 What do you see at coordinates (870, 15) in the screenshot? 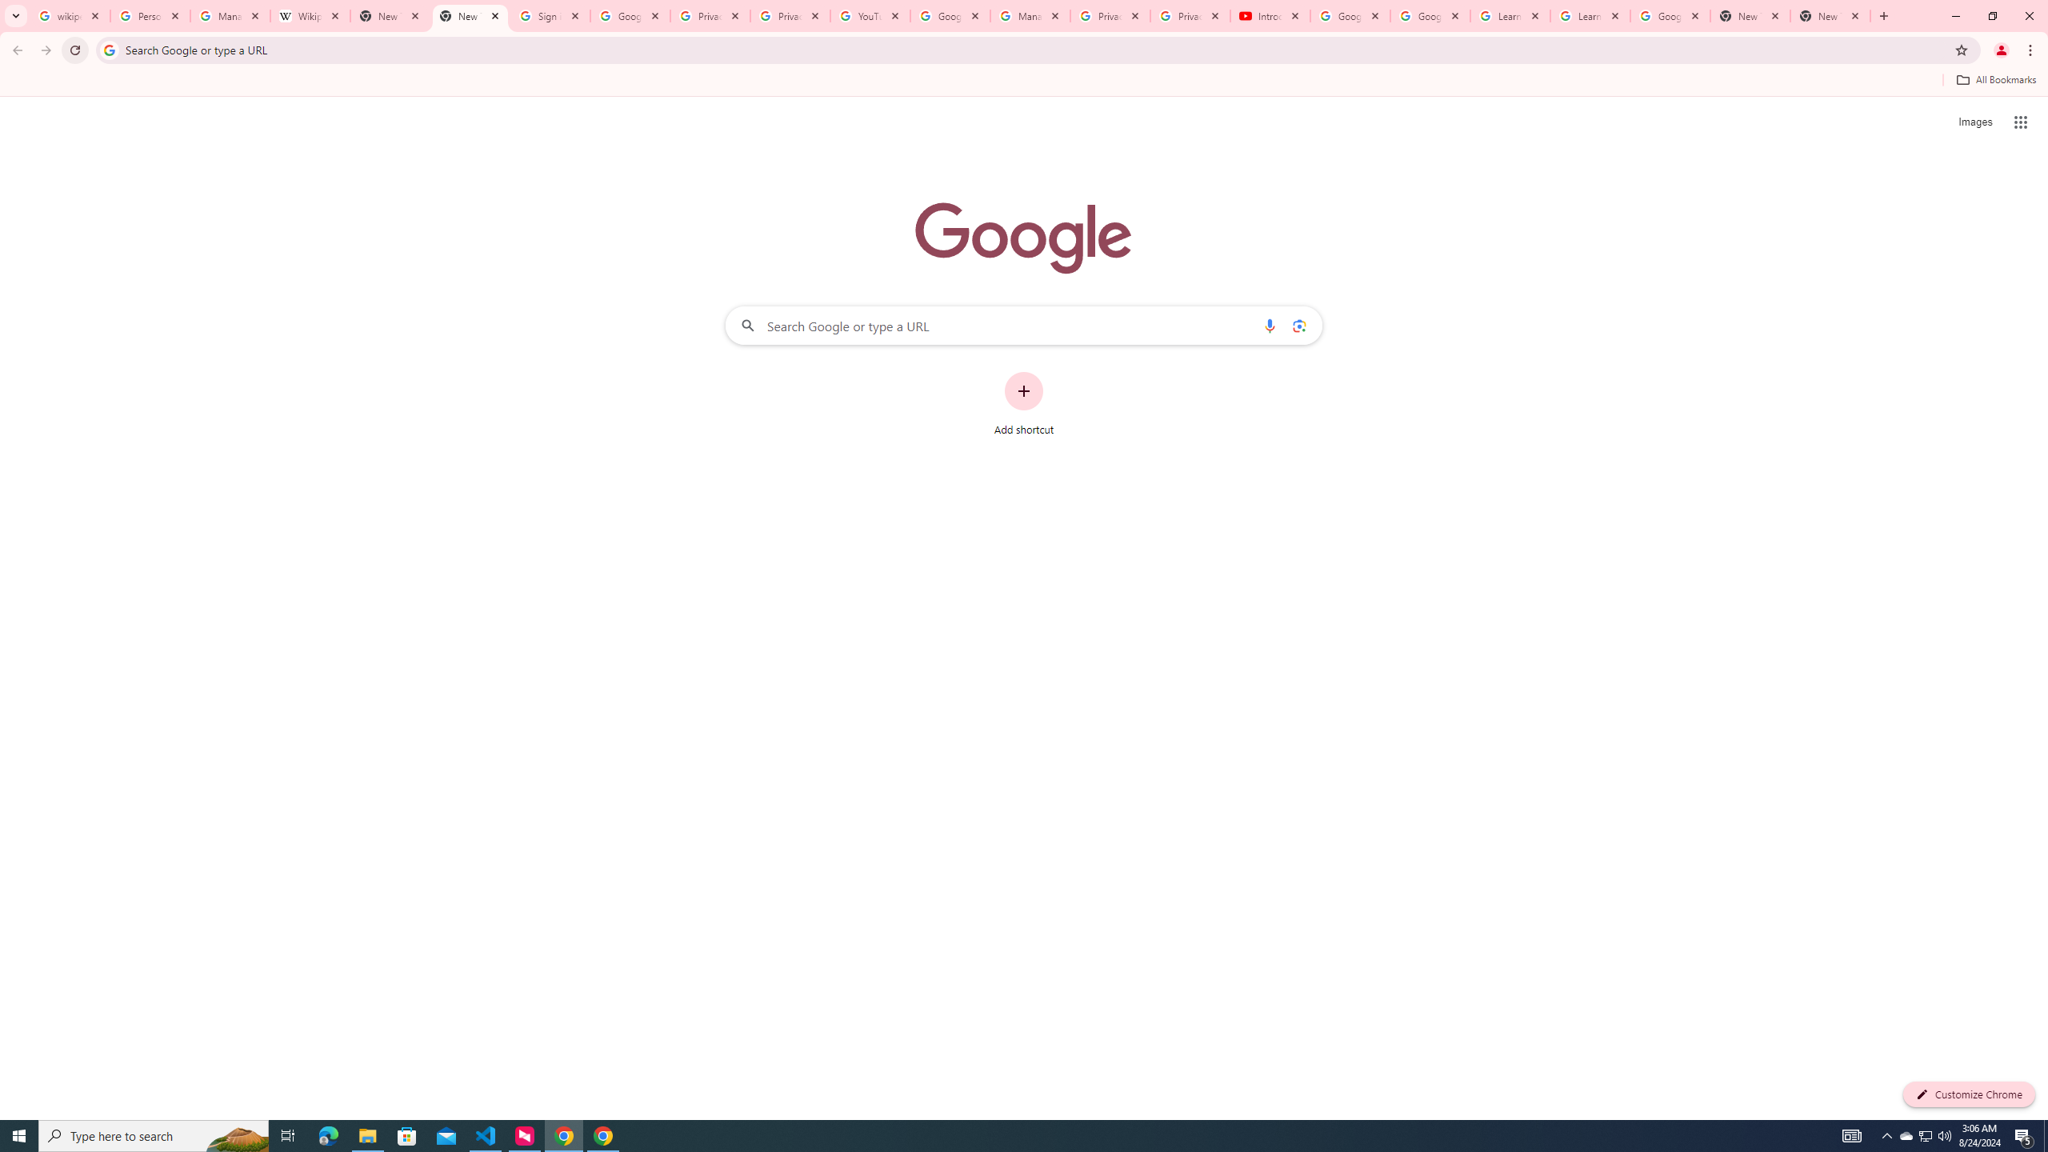
I see `'YouTube'` at bounding box center [870, 15].